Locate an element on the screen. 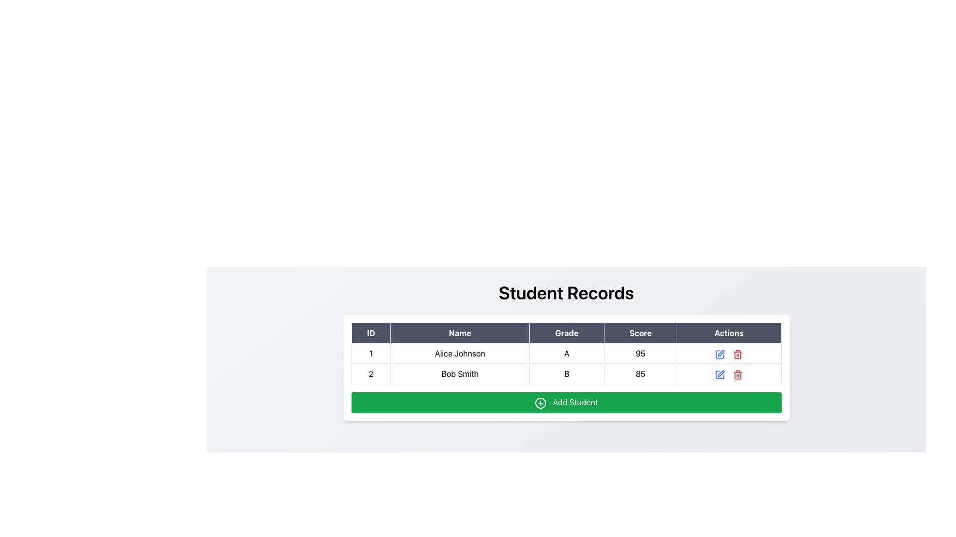 This screenshot has height=537, width=956. the text label displaying 'Bob Smith', which is located in the second row under the 'Name' column of a student records table is located at coordinates (459, 374).